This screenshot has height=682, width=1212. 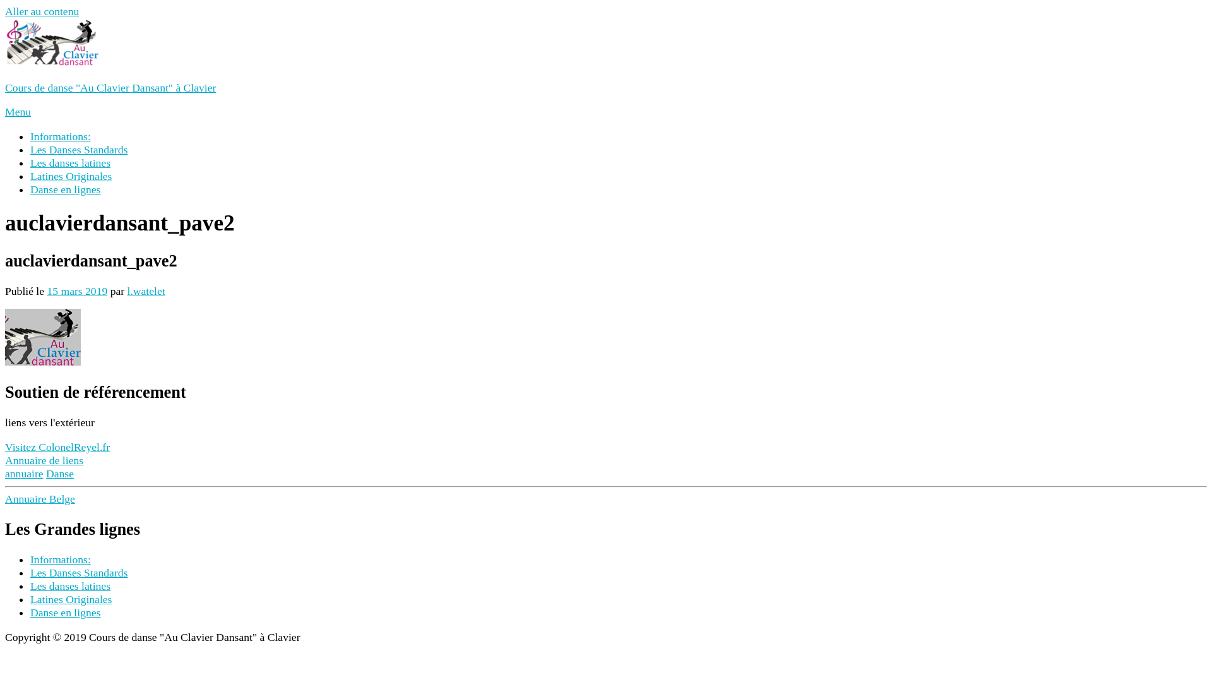 What do you see at coordinates (64, 189) in the screenshot?
I see `'Danse en lignes'` at bounding box center [64, 189].